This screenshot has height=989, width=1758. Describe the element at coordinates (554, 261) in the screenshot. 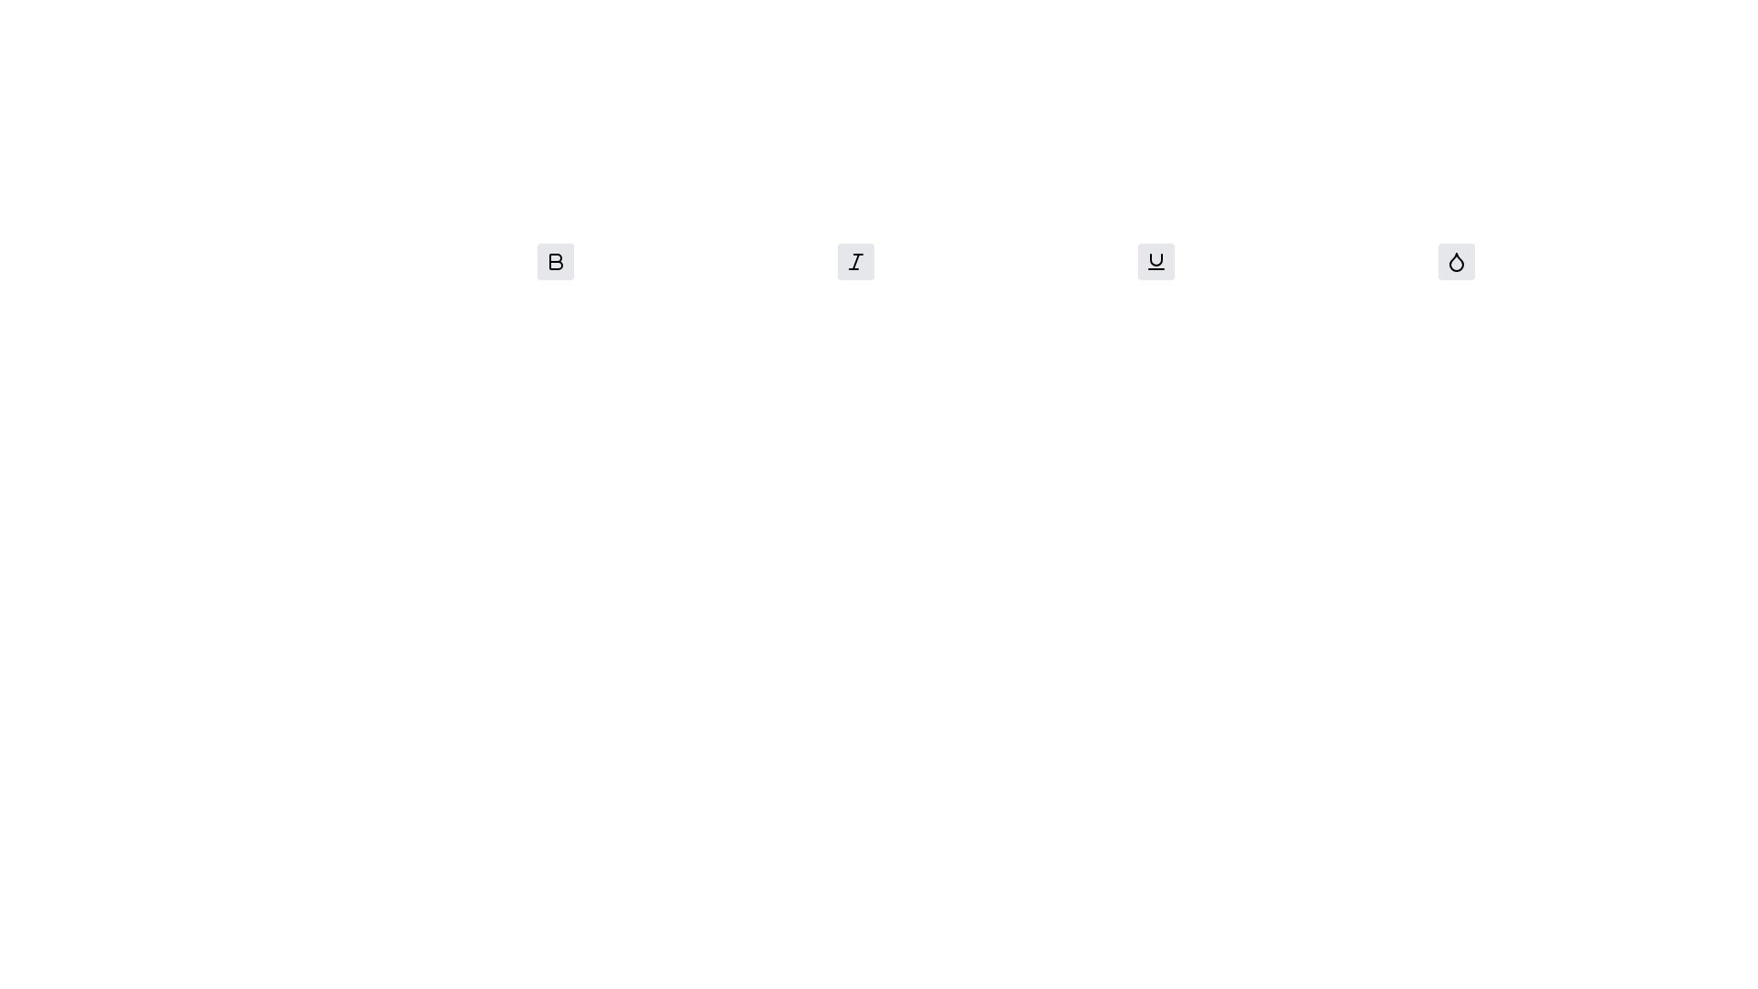

I see `the bold text formatting icon, which is a circular SVG with a 'B' symbol inside` at that location.